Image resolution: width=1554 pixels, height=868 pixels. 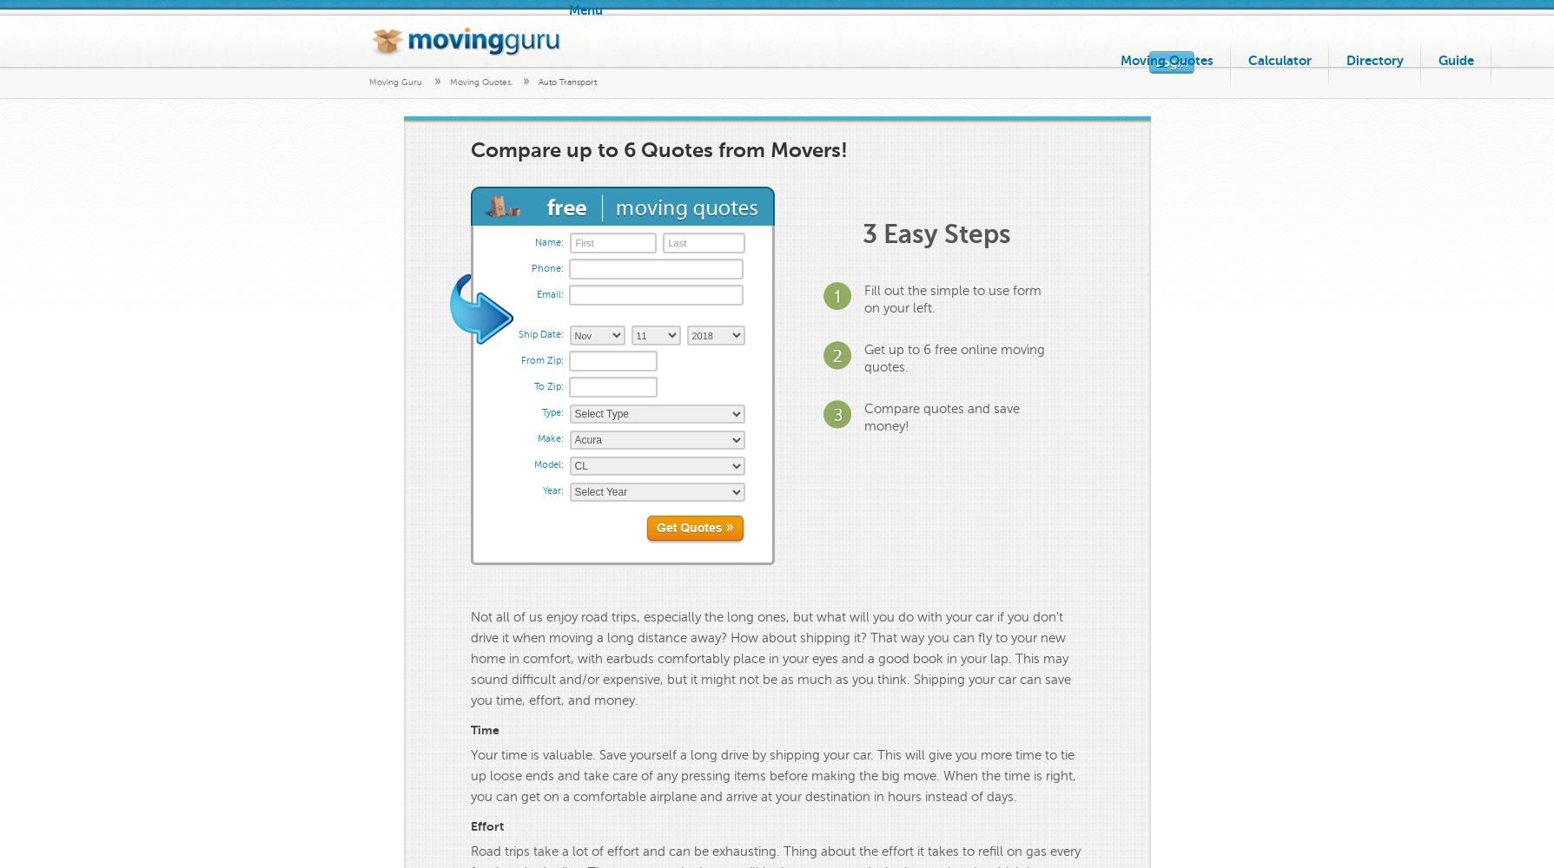 I want to click on 'Effort', so click(x=468, y=825).